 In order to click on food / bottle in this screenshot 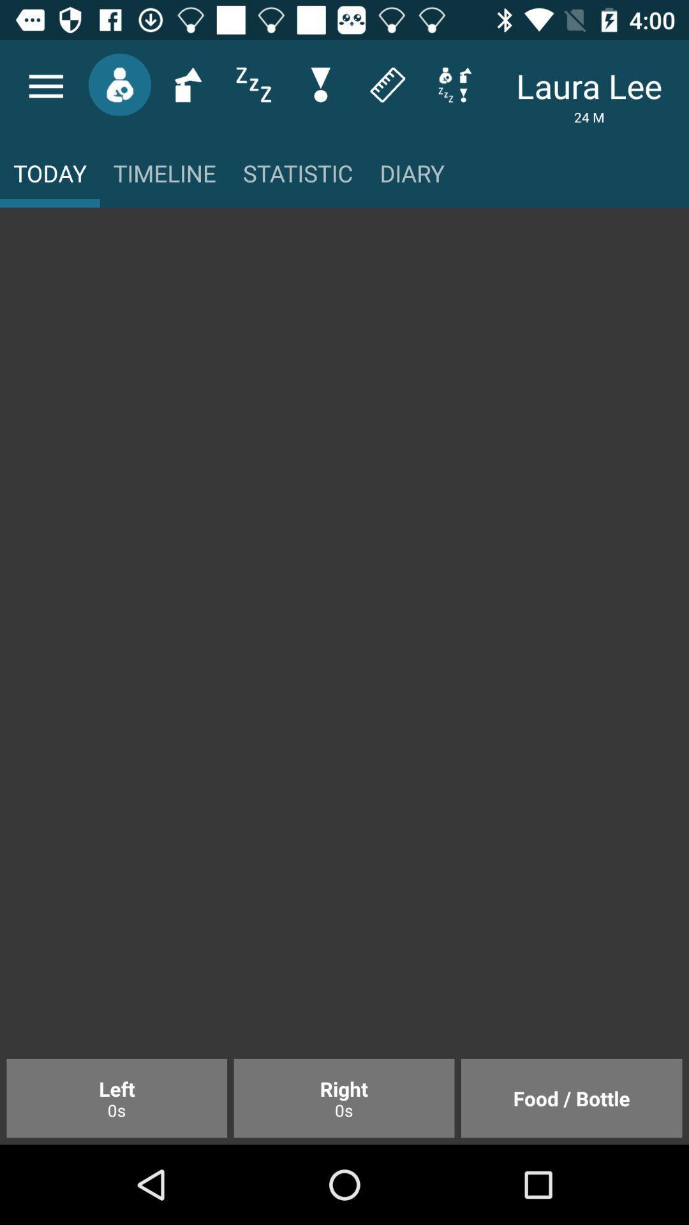, I will do `click(571, 1097)`.